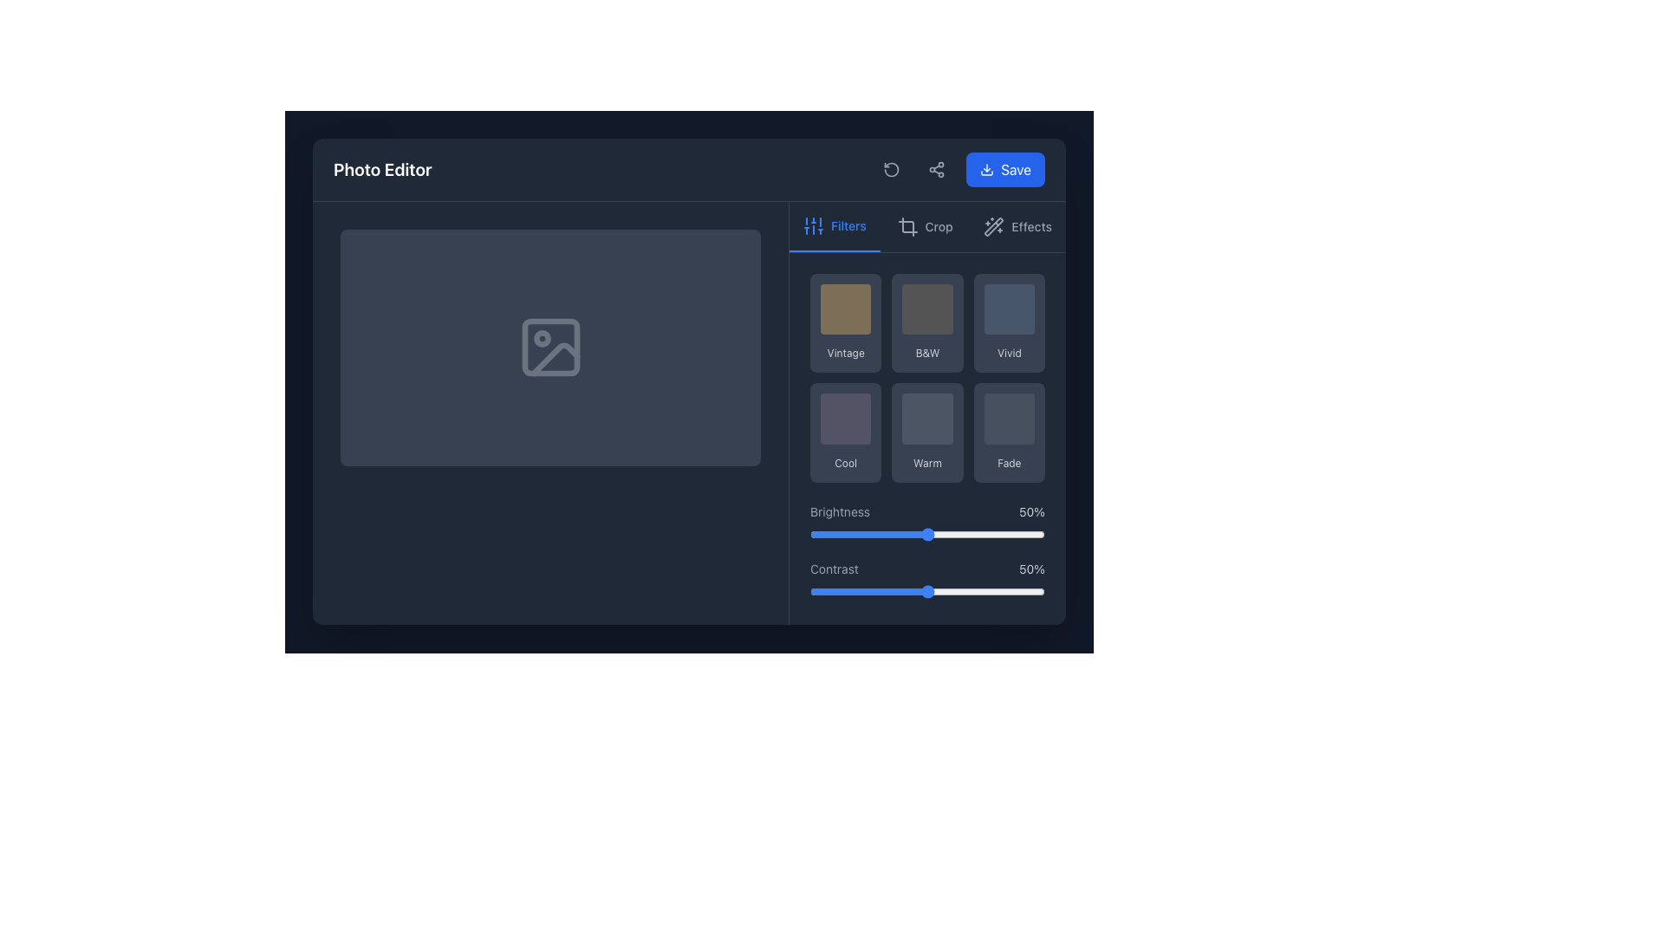  Describe the element at coordinates (381, 170) in the screenshot. I see `the bold white text label saying 'Photo Editor' located prominently in the upper-left area of the interface` at that location.